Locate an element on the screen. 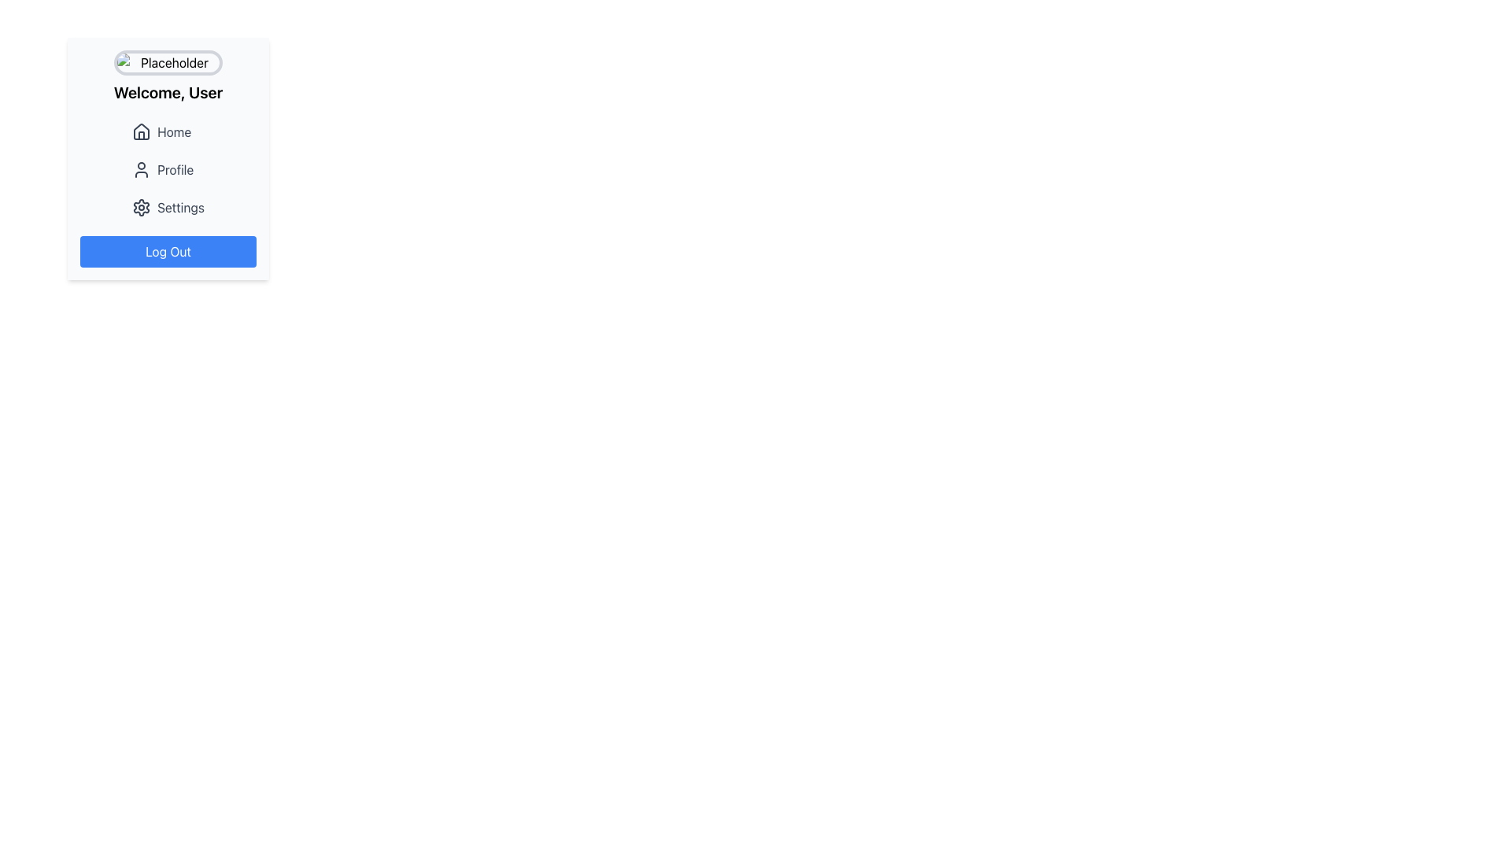 Image resolution: width=1511 pixels, height=850 pixels. the user icon, which is a minimalistic outline with a circular head and rounded body, located to the left of the 'Profile' text is located at coordinates (142, 170).